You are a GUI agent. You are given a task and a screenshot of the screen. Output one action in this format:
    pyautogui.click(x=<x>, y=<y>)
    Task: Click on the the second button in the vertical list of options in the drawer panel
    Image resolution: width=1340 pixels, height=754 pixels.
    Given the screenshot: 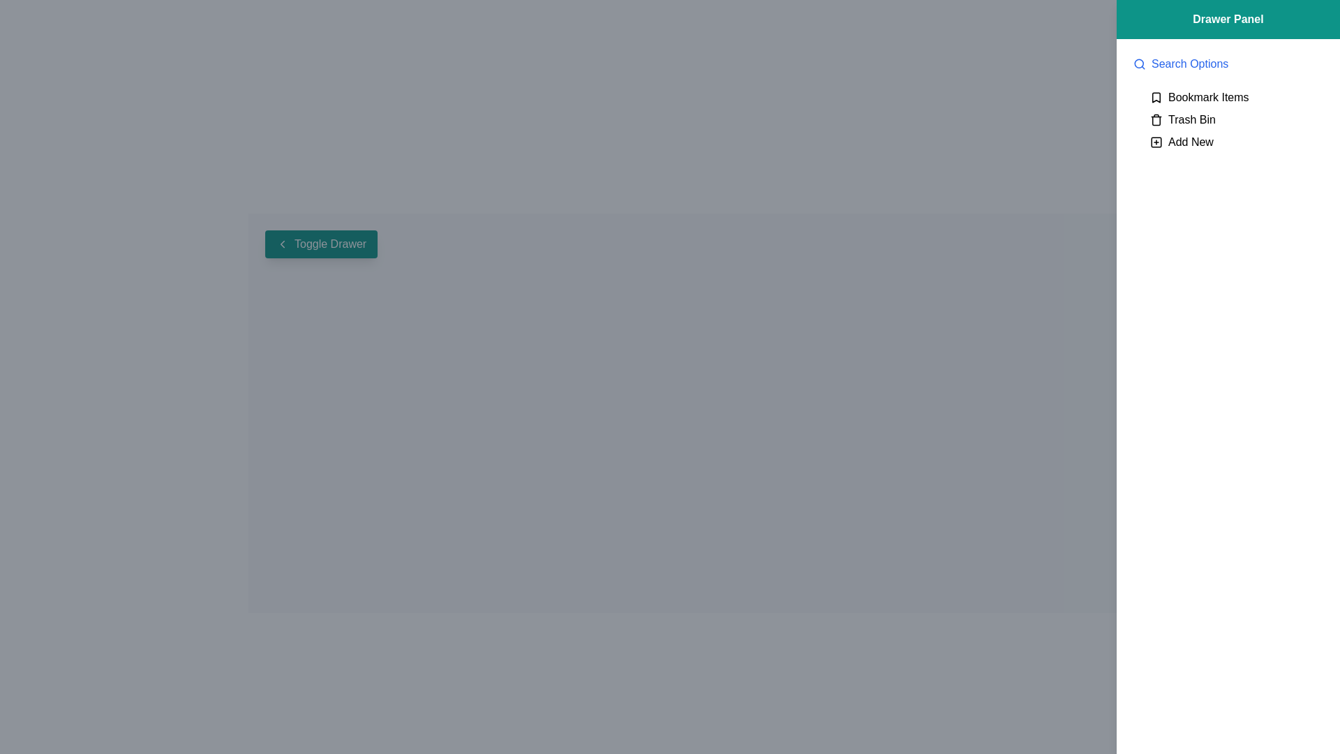 What is the action you would take?
    pyautogui.click(x=1182, y=119)
    